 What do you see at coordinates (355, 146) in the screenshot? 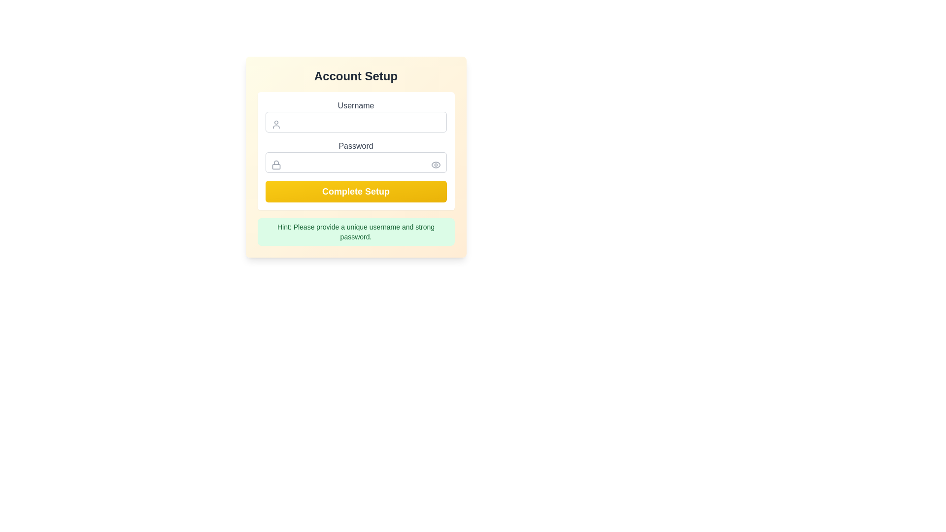
I see `the 'Password' label, which is a medium gray text label positioned above the password input field in the form` at bounding box center [355, 146].